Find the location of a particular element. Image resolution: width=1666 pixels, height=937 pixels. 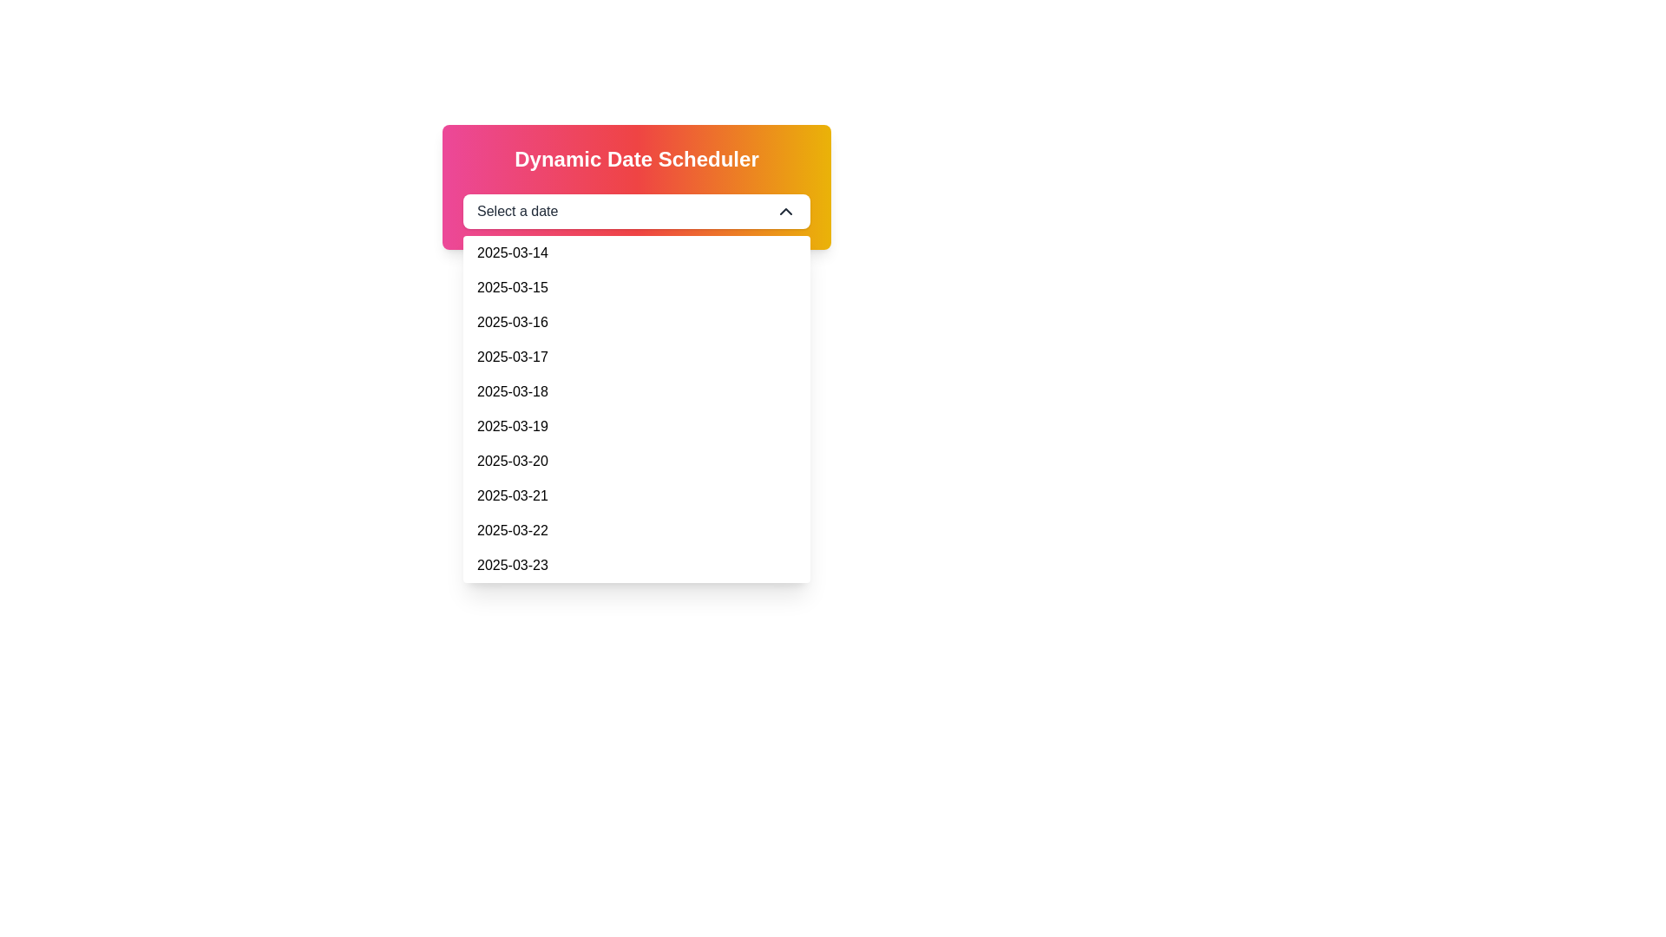

to select the date option '2025-03-18' from the fifth position in the dropdown list is located at coordinates (511, 391).